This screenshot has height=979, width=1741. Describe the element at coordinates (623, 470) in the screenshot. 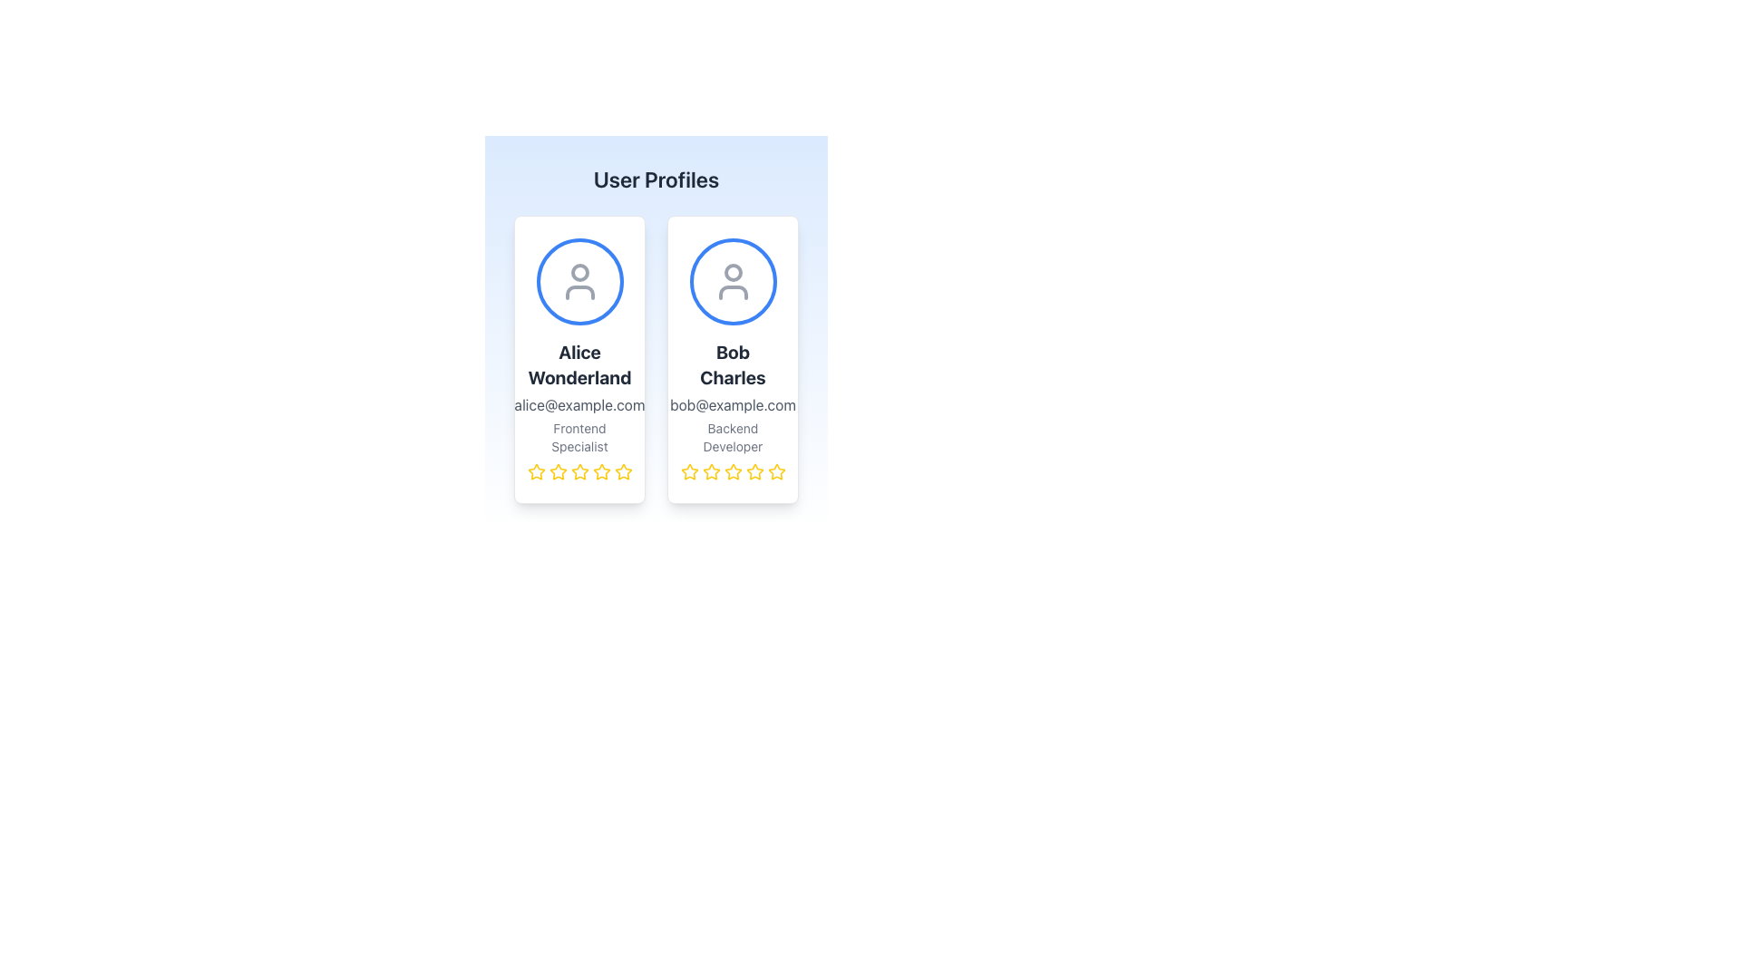

I see `the fifth star icon with a yellow outline and hollow center, located below the 'Alice Wonderland' profile to rate the profile` at that location.